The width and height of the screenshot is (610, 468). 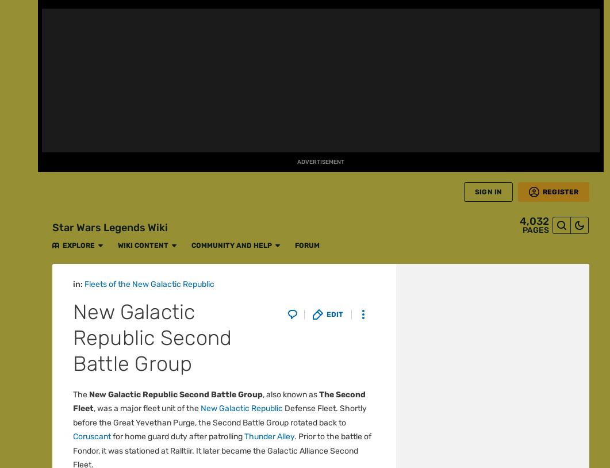 What do you see at coordinates (223, 86) in the screenshot?
I see `'Be the first to comment on New Galactic Republic Second Battle Group!'` at bounding box center [223, 86].